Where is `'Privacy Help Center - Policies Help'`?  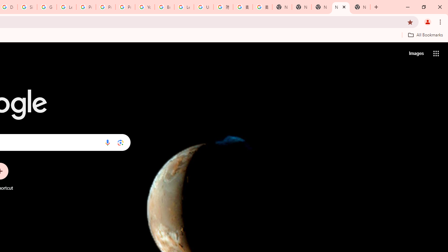
'Privacy Help Center - Policies Help' is located at coordinates (85, 7).